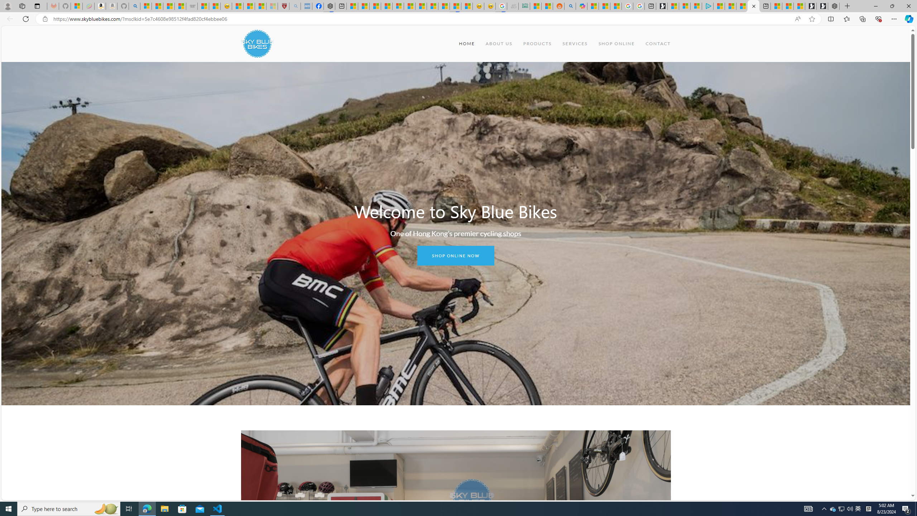 The image size is (917, 516). Describe the element at coordinates (192, 6) in the screenshot. I see `'Combat Siege'` at that location.